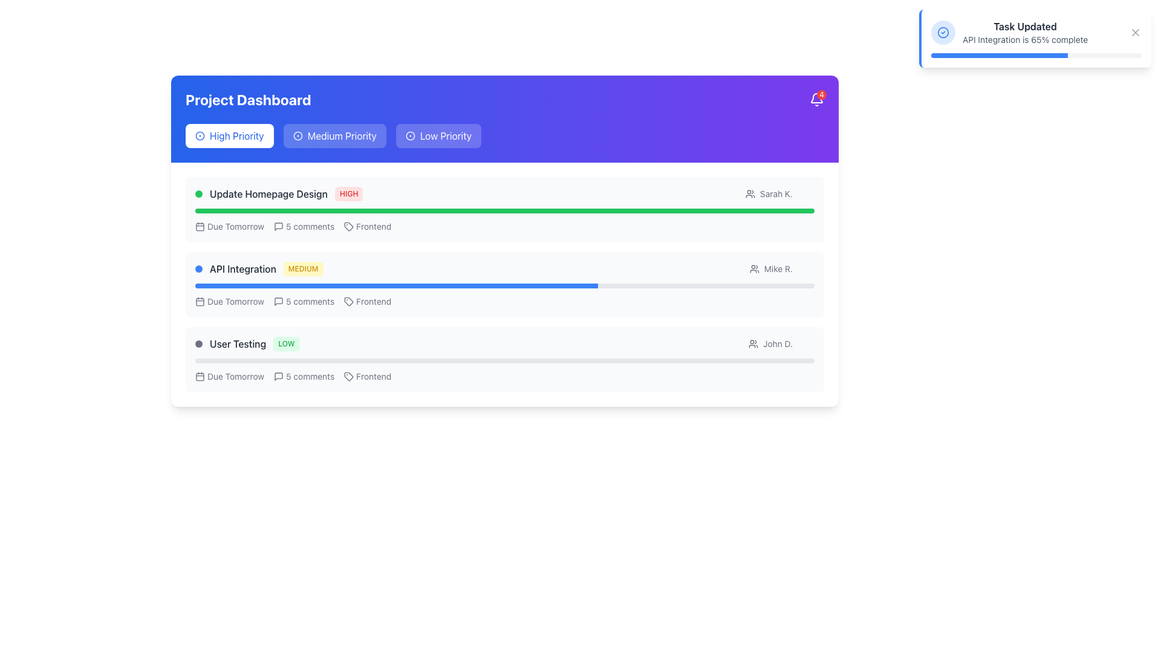 The height and width of the screenshot is (653, 1161). Describe the element at coordinates (200, 135) in the screenshot. I see `the circular icon indicating selection, which is part of the 'High Priority' button in the 'Priority' section` at that location.